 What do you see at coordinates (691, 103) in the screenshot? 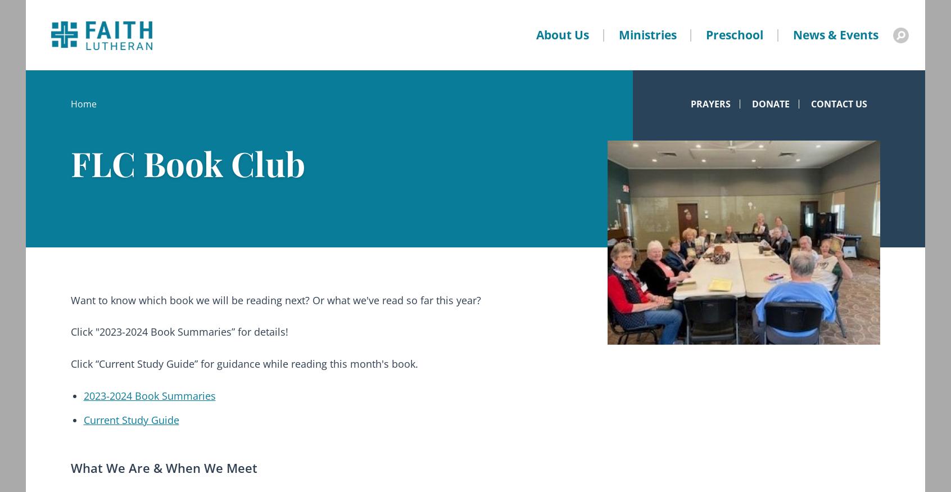
I see `'Prayers'` at bounding box center [691, 103].